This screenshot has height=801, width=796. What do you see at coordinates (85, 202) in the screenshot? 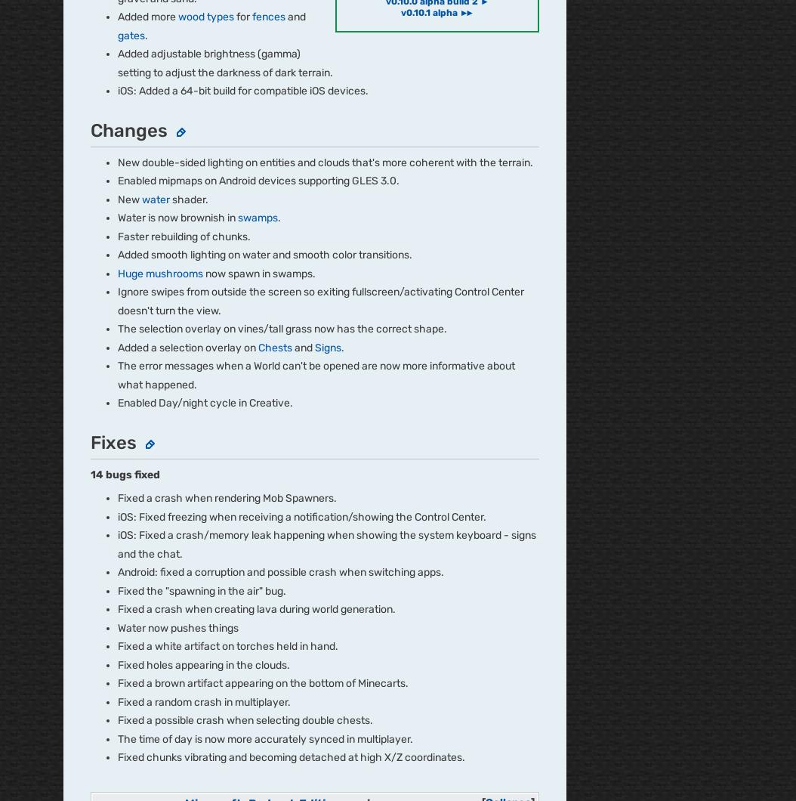
I see `'Muthead'` at bounding box center [85, 202].